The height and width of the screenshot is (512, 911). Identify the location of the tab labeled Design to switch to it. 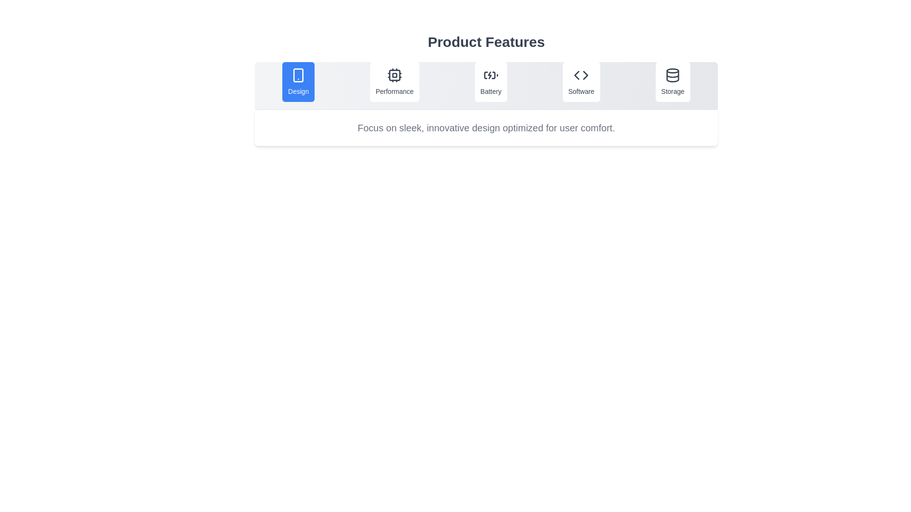
(298, 82).